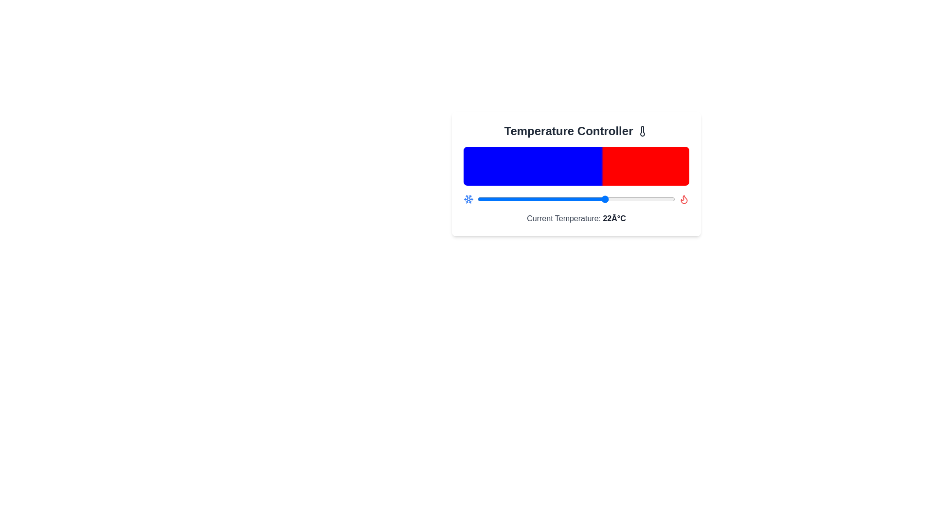  What do you see at coordinates (468, 198) in the screenshot?
I see `the snowflake icon to interact with it` at bounding box center [468, 198].